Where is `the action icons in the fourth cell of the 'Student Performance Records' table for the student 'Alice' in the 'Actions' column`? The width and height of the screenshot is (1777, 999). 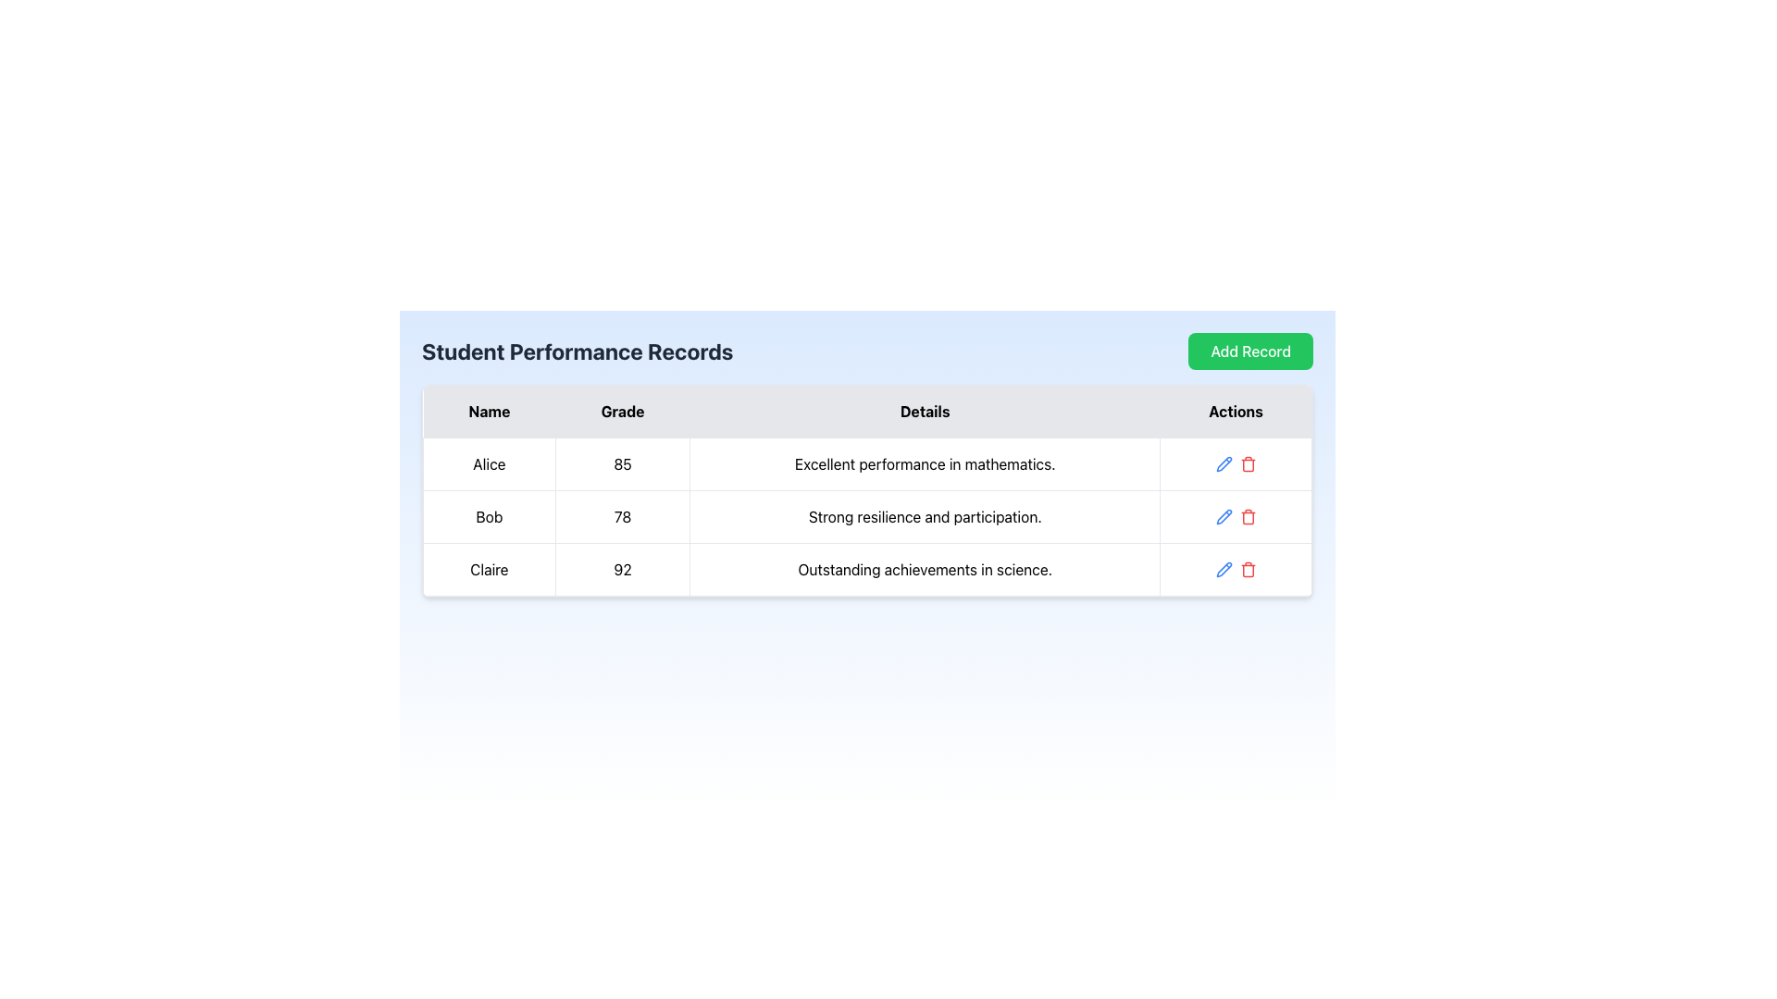 the action icons in the fourth cell of the 'Student Performance Records' table for the student 'Alice' in the 'Actions' column is located at coordinates (1236, 462).